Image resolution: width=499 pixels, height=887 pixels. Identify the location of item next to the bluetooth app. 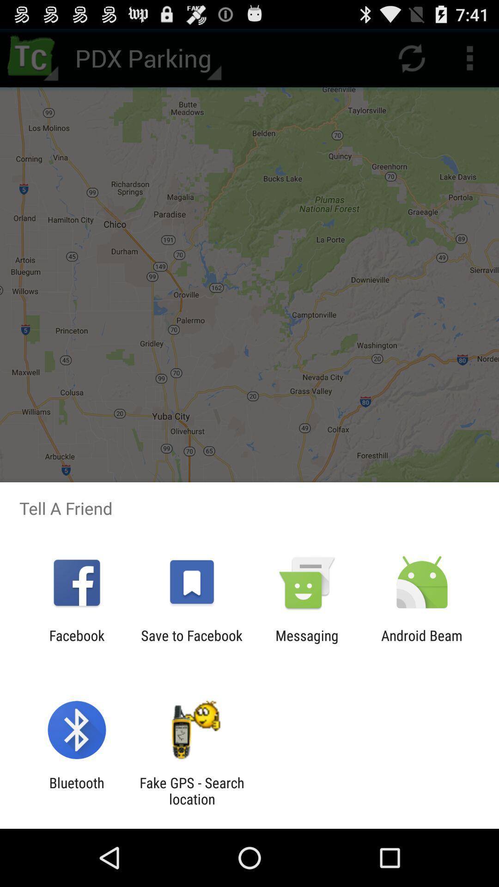
(191, 790).